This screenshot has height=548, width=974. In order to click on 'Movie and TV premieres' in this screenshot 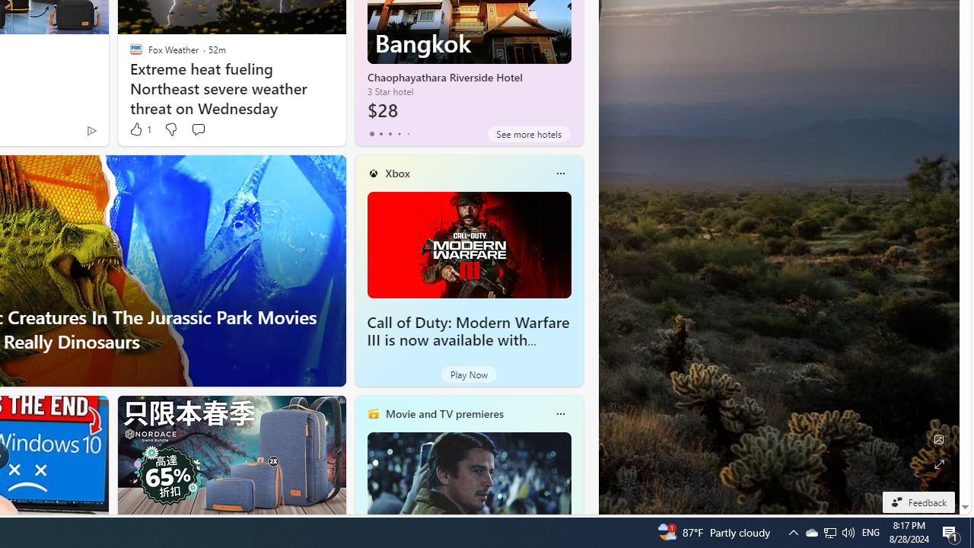, I will do `click(443, 413)`.